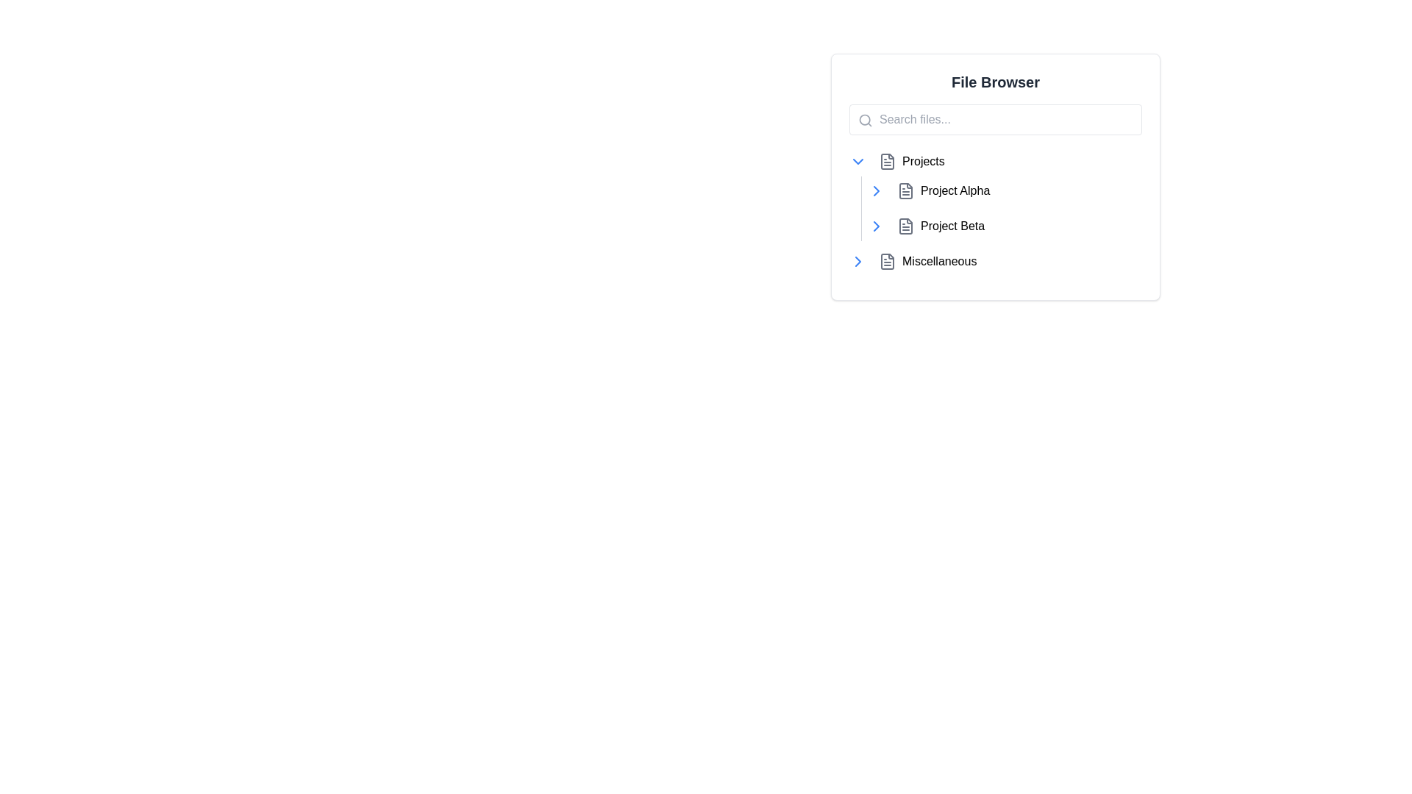 The width and height of the screenshot is (1412, 794). I want to click on the blue button with a rightward chevron icon located to the left of the 'Miscellaneous' label in the file browser interface, so click(857, 260).